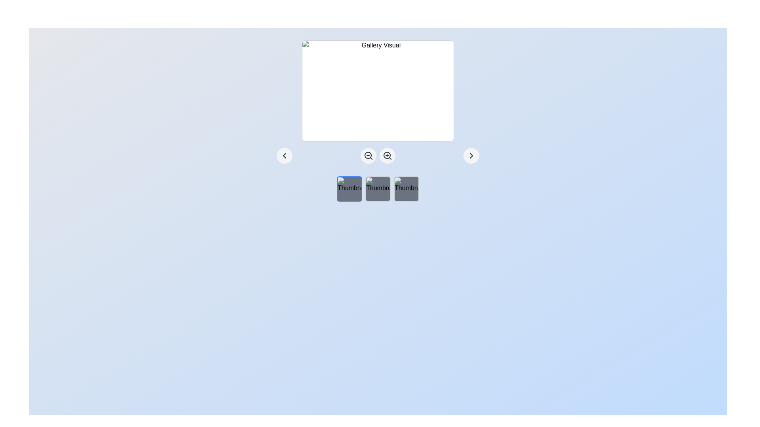 Image resolution: width=760 pixels, height=427 pixels. I want to click on the farthest-right circular button with a light gray background and a rightward chevron icon, so click(471, 155).